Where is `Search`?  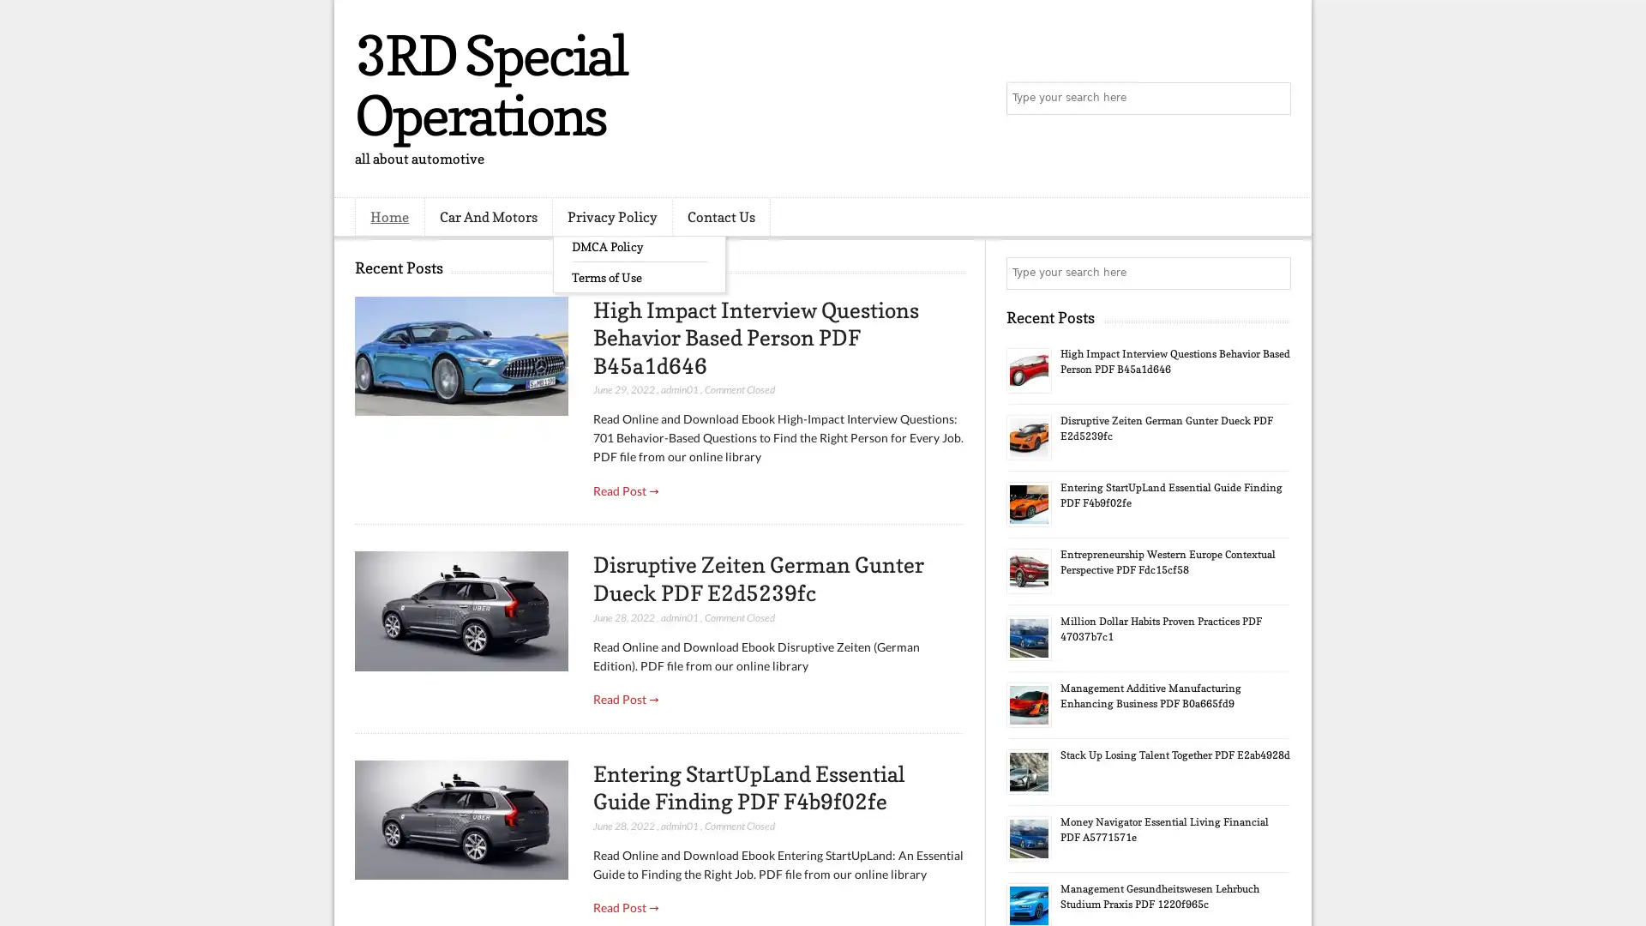 Search is located at coordinates (1273, 273).